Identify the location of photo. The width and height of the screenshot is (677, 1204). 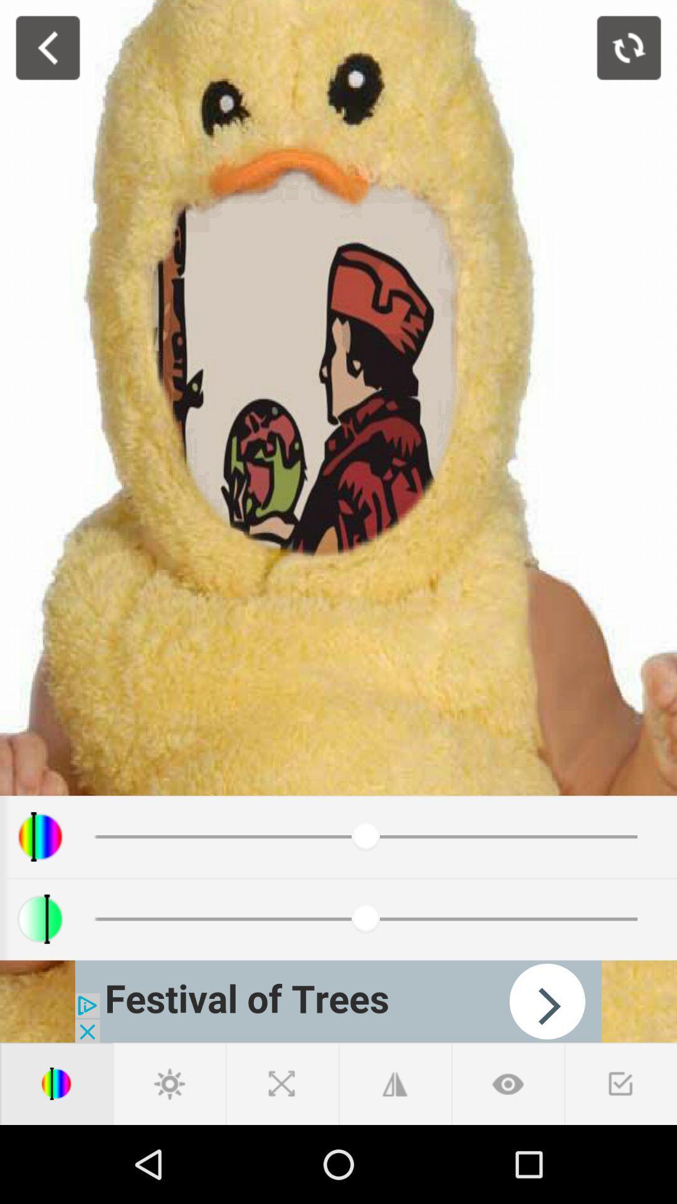
(629, 48).